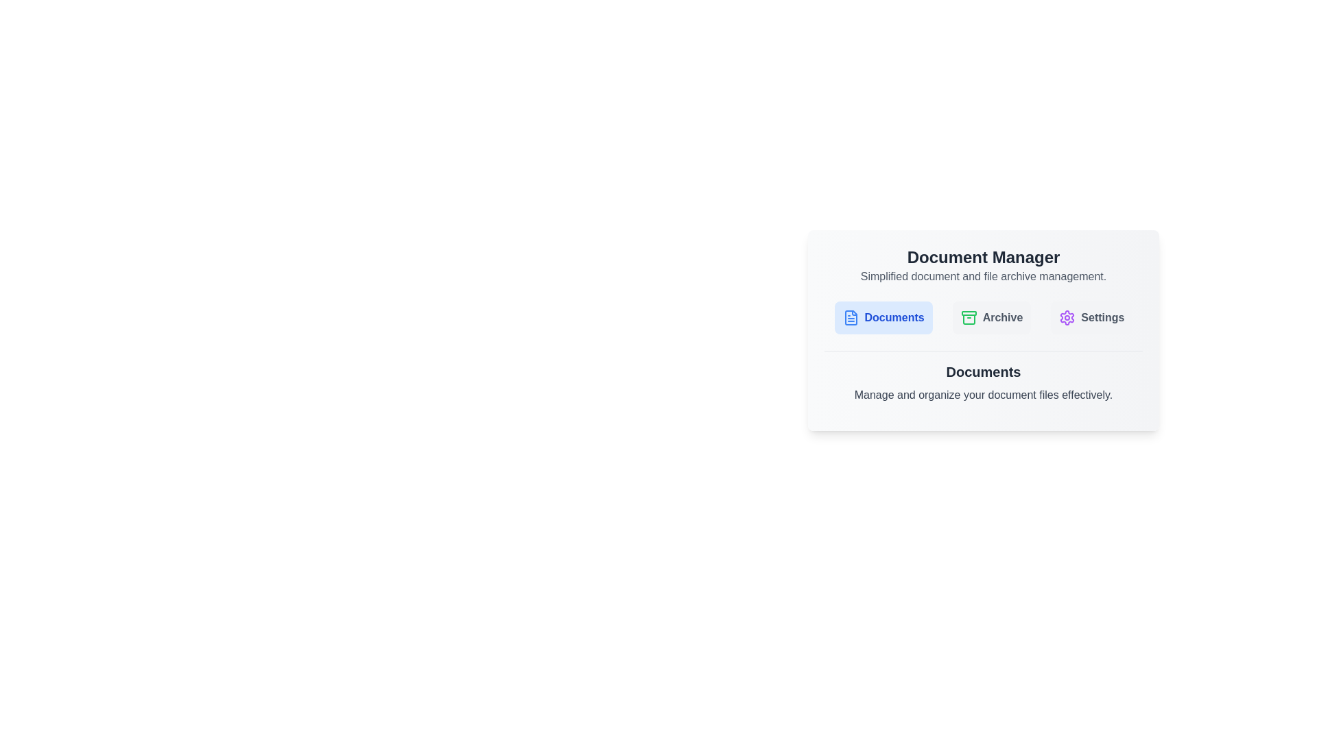 This screenshot has height=740, width=1317. I want to click on the Settings tab by clicking its corresponding button, so click(1091, 317).